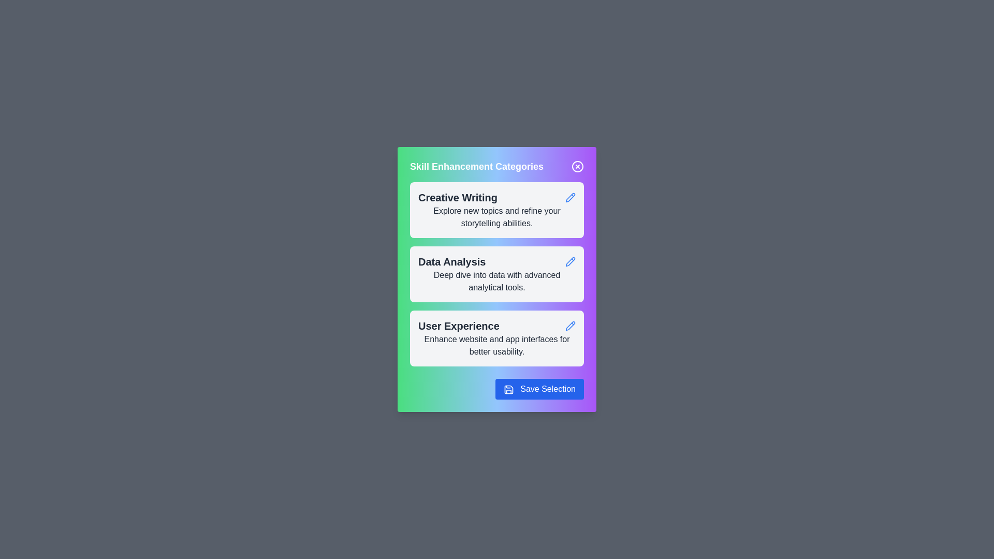 Image resolution: width=994 pixels, height=559 pixels. I want to click on the text of the category card labeled 'User Experience' to select it, so click(458, 325).